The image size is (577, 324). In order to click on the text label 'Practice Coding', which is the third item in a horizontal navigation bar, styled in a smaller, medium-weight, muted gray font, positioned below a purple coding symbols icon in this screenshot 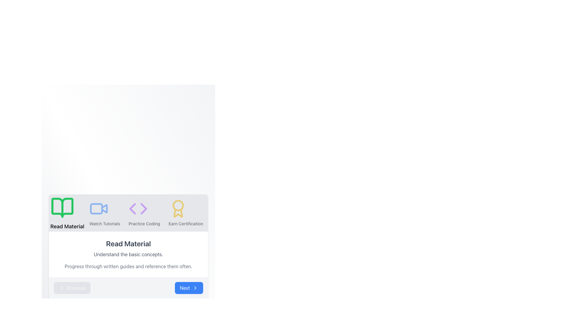, I will do `click(144, 223)`.